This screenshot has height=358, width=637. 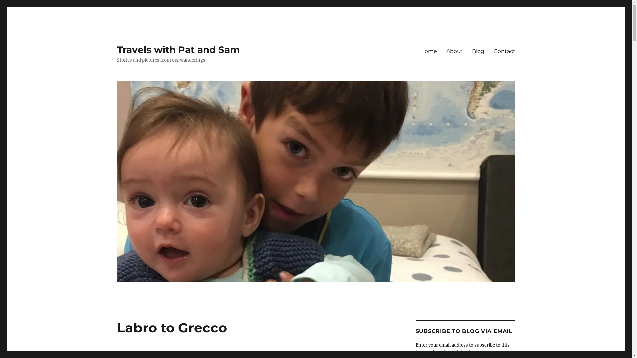 I want to click on 'Blog', so click(x=478, y=51).